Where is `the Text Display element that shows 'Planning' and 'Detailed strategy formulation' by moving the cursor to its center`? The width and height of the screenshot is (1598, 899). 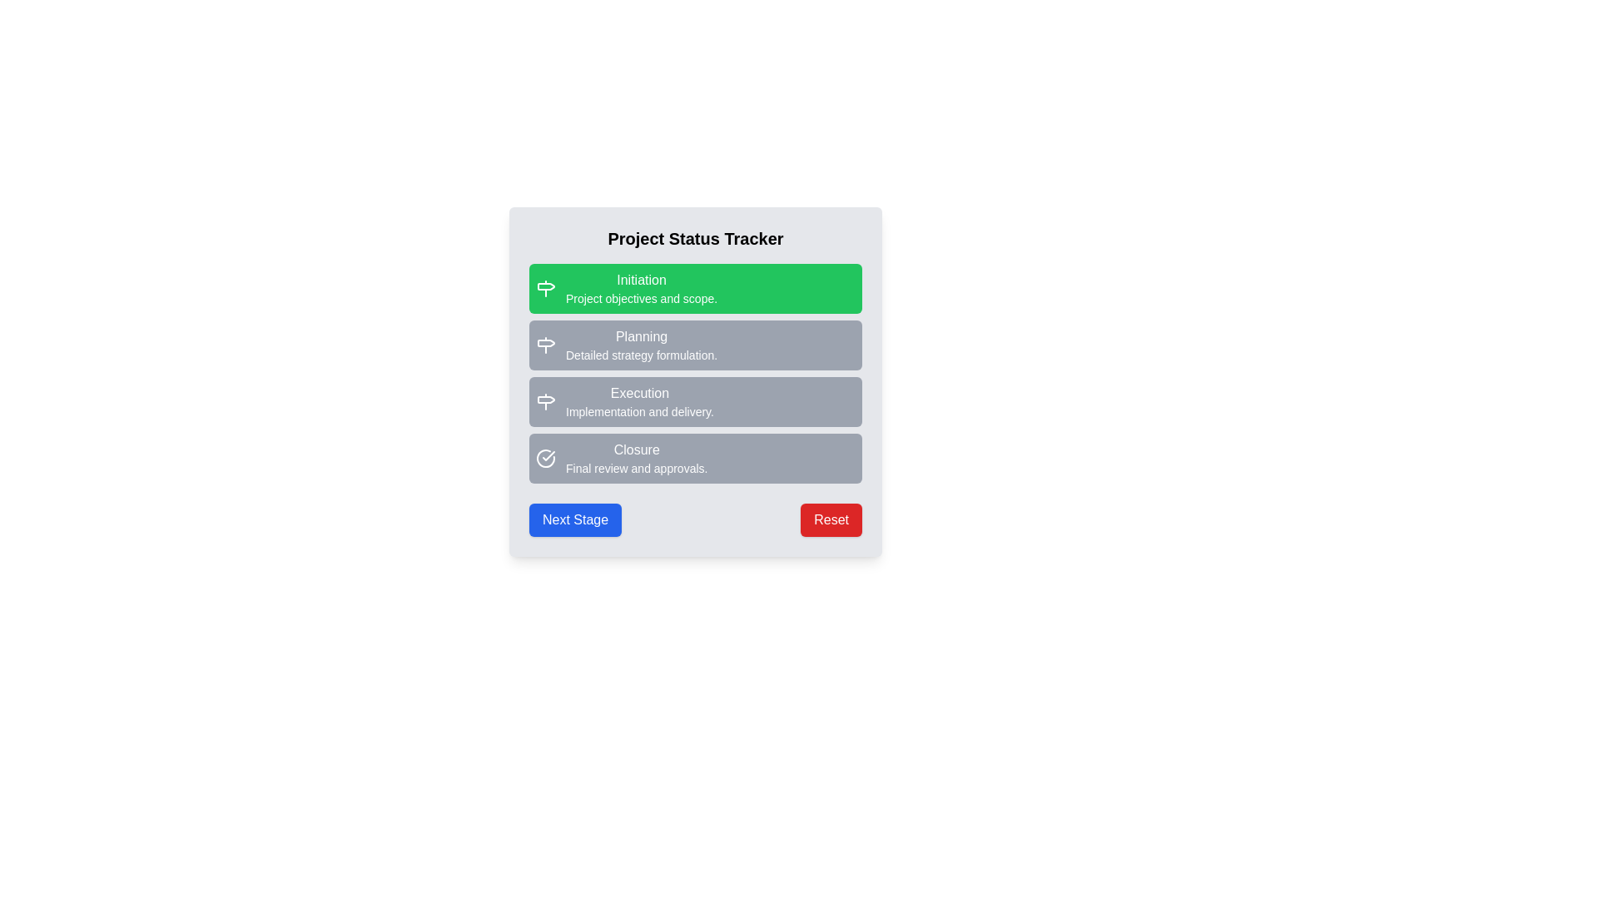 the Text Display element that shows 'Planning' and 'Detailed strategy formulation' by moving the cursor to its center is located at coordinates (641, 345).